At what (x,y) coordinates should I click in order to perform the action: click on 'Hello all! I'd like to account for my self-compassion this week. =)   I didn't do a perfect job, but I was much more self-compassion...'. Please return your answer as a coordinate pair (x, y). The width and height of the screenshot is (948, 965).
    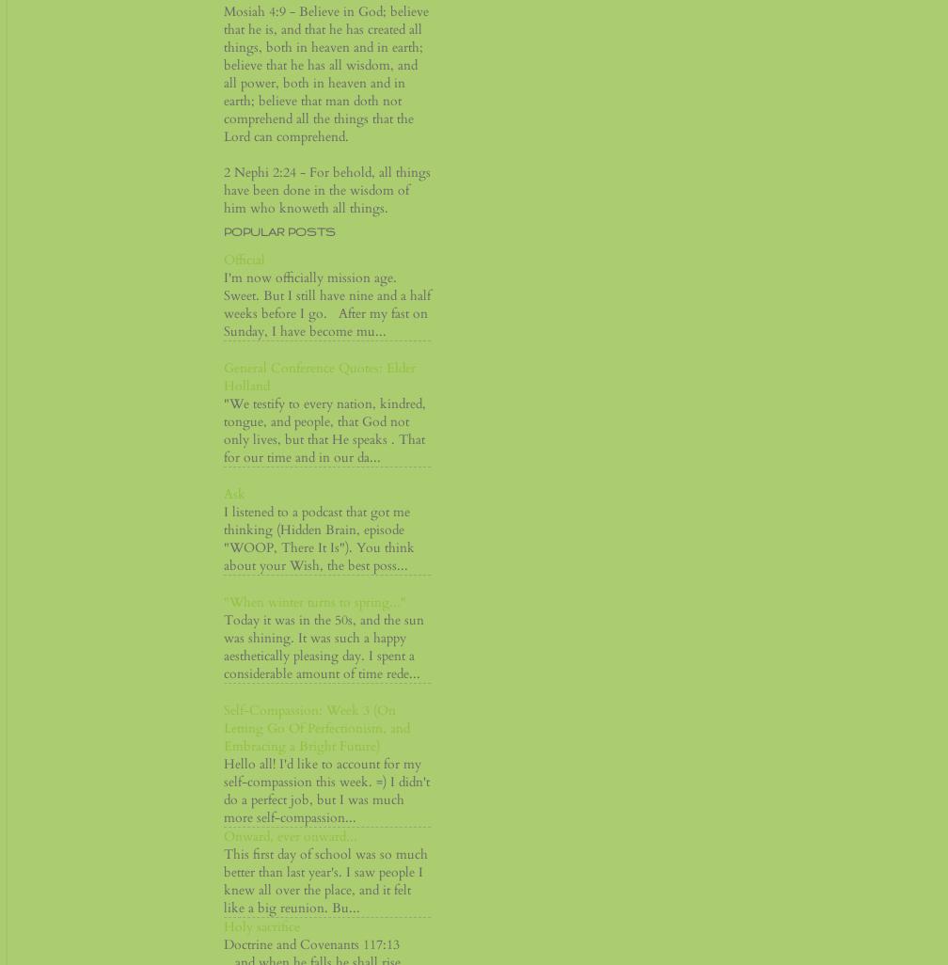
    Looking at the image, I should click on (326, 791).